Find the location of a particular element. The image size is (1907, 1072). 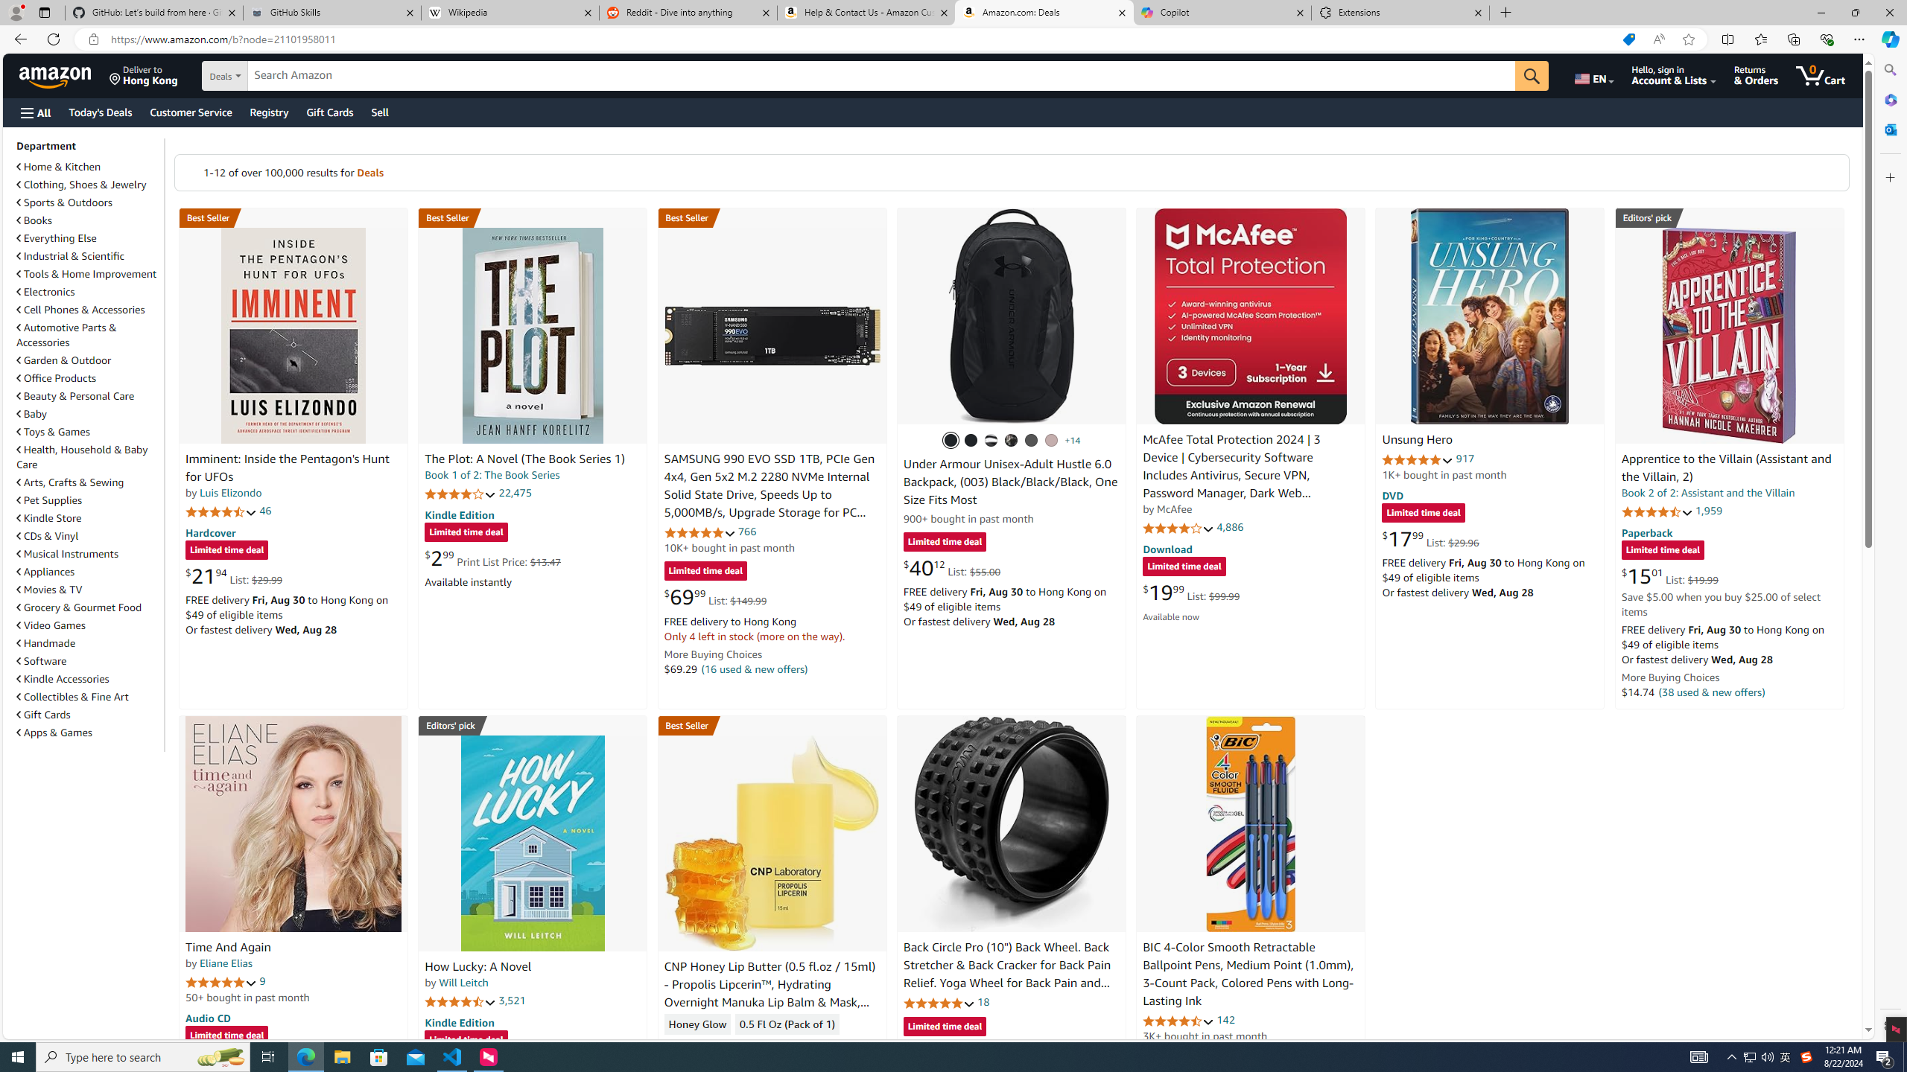

'Will Leitch' is located at coordinates (463, 981).